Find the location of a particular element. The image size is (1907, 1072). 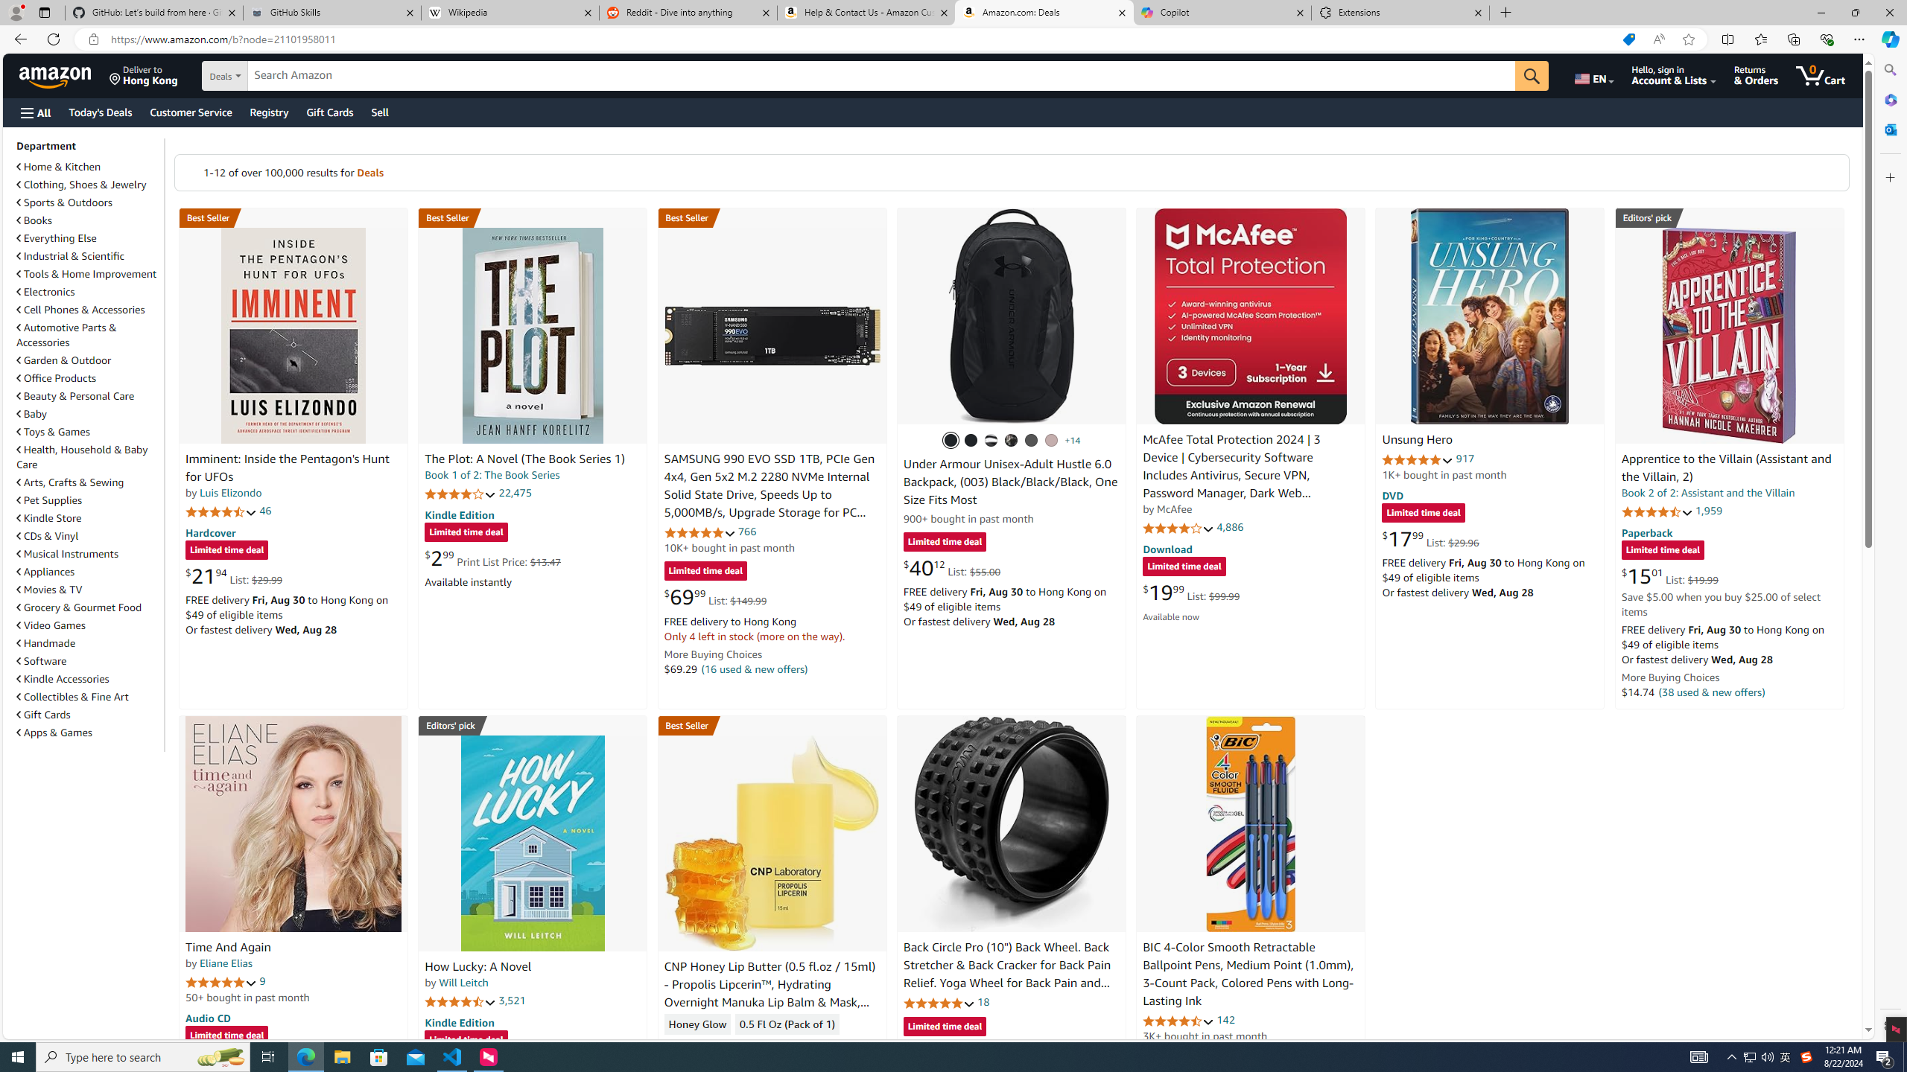

'Will Leitch' is located at coordinates (463, 981).